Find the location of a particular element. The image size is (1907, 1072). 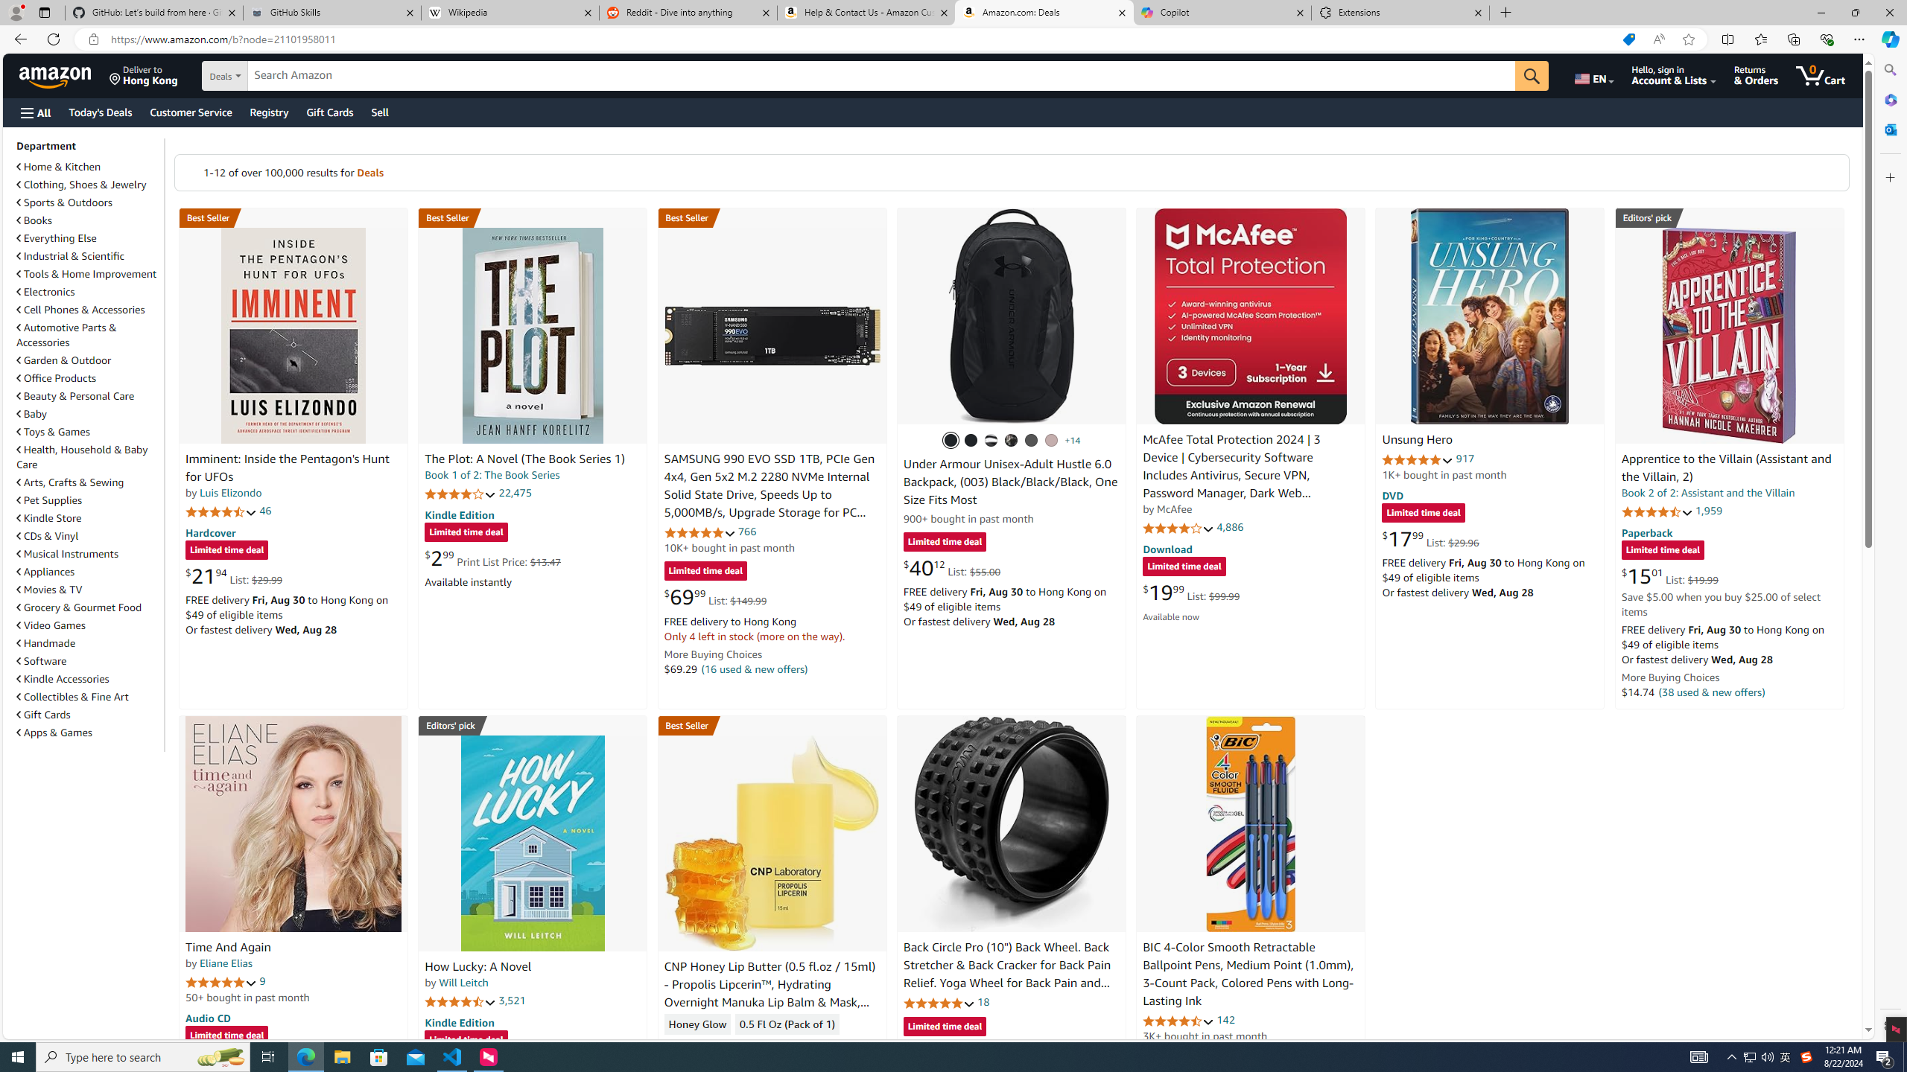

'Will Leitch' is located at coordinates (463, 981).